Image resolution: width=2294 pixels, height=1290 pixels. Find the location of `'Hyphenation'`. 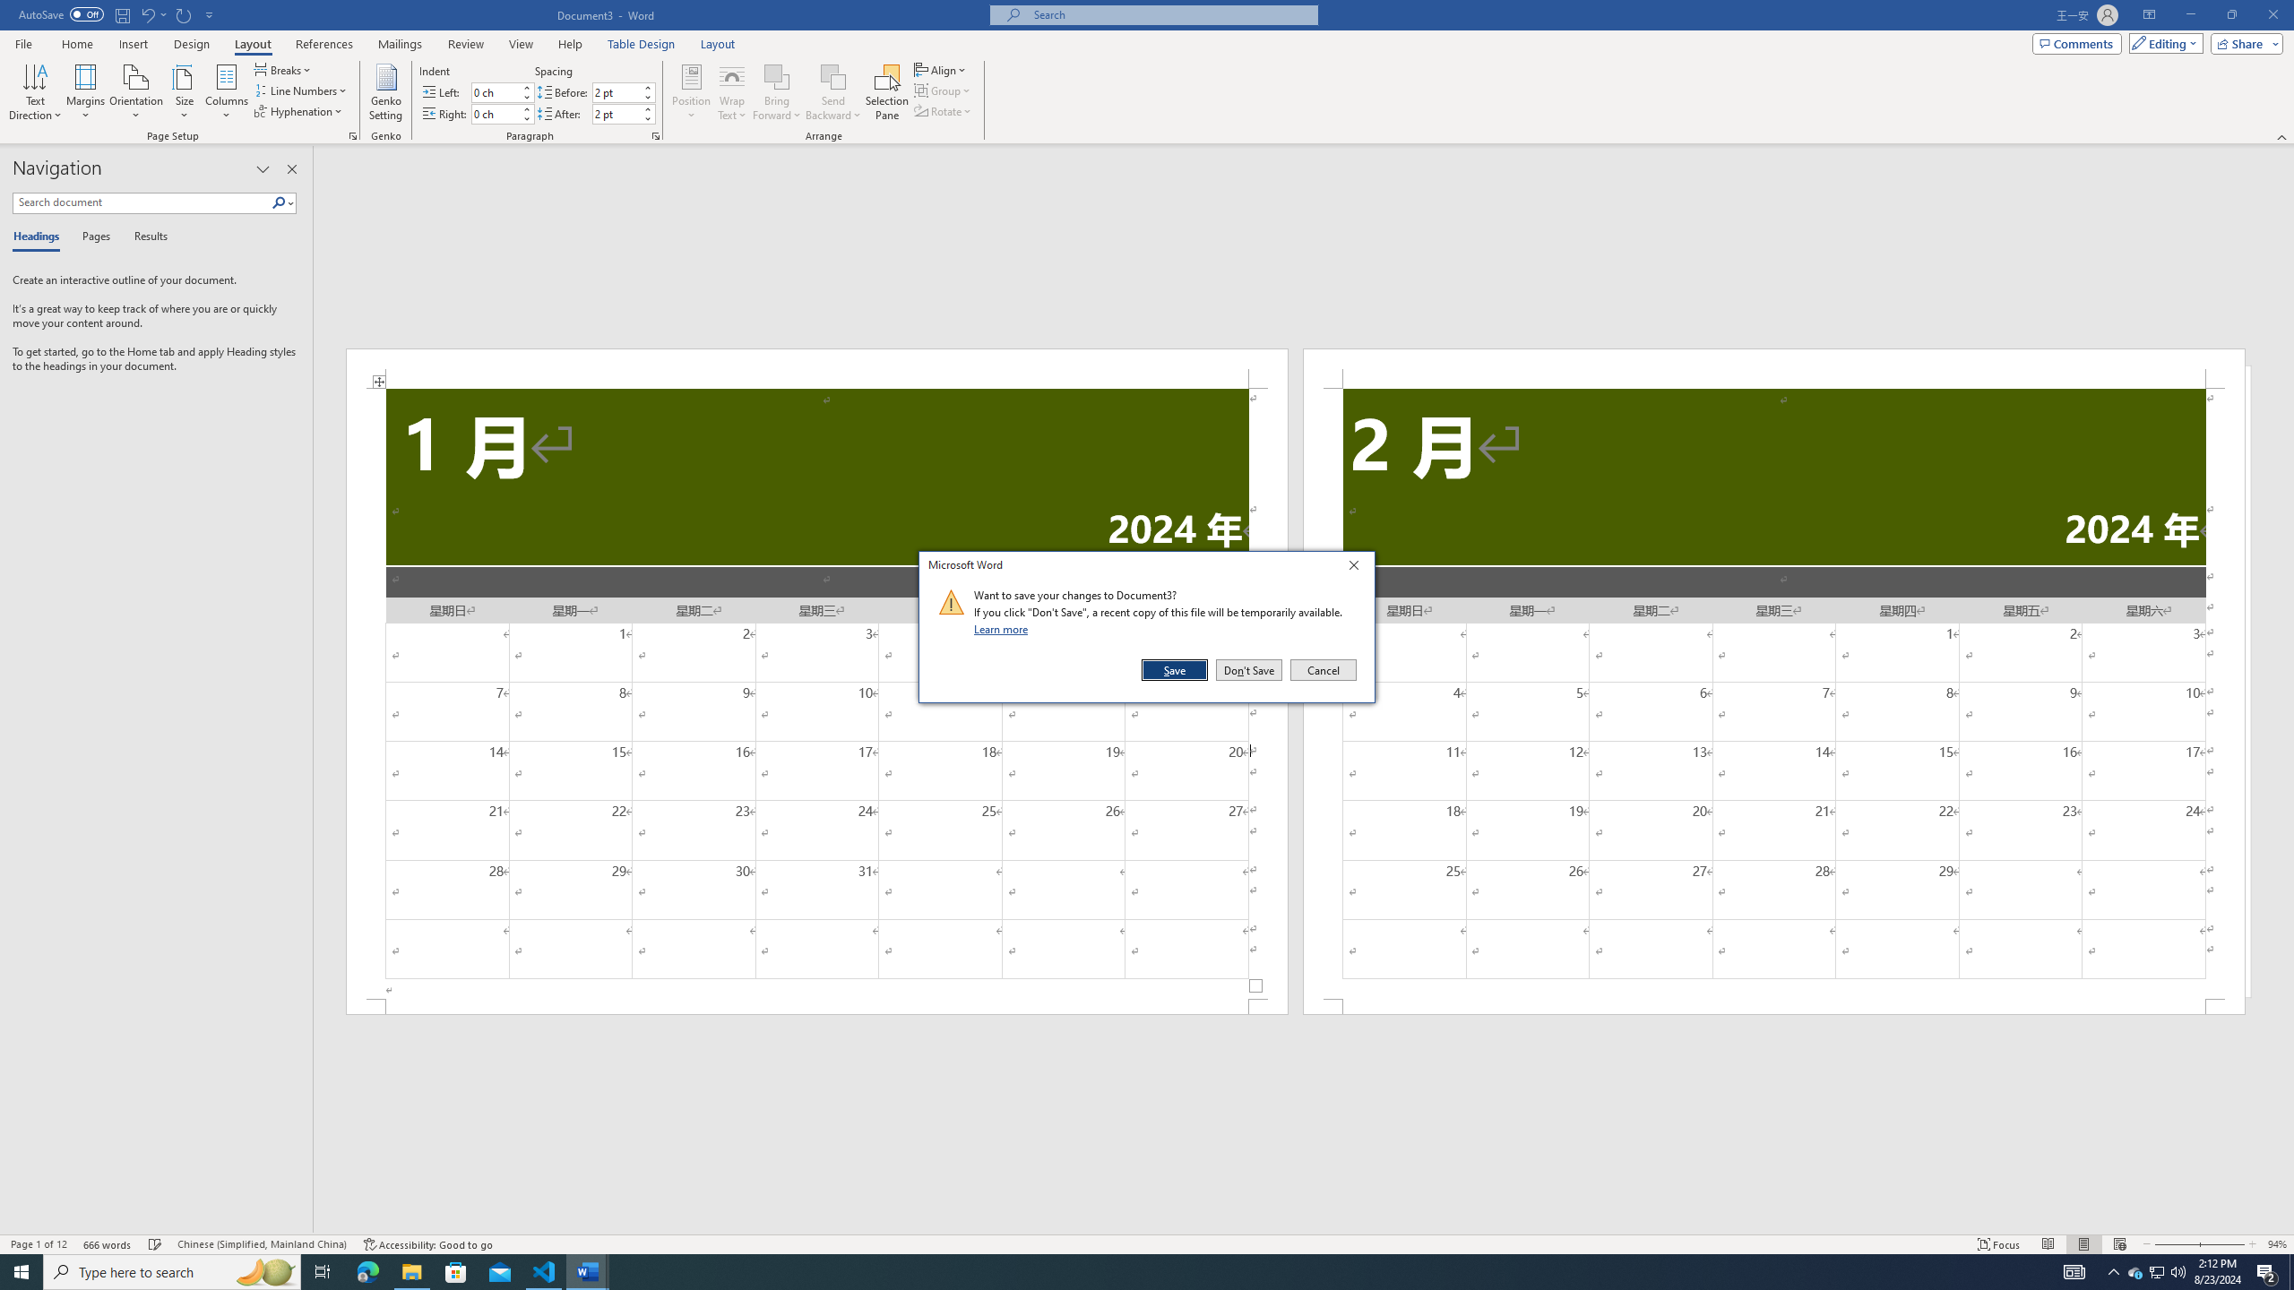

'Hyphenation' is located at coordinates (299, 109).